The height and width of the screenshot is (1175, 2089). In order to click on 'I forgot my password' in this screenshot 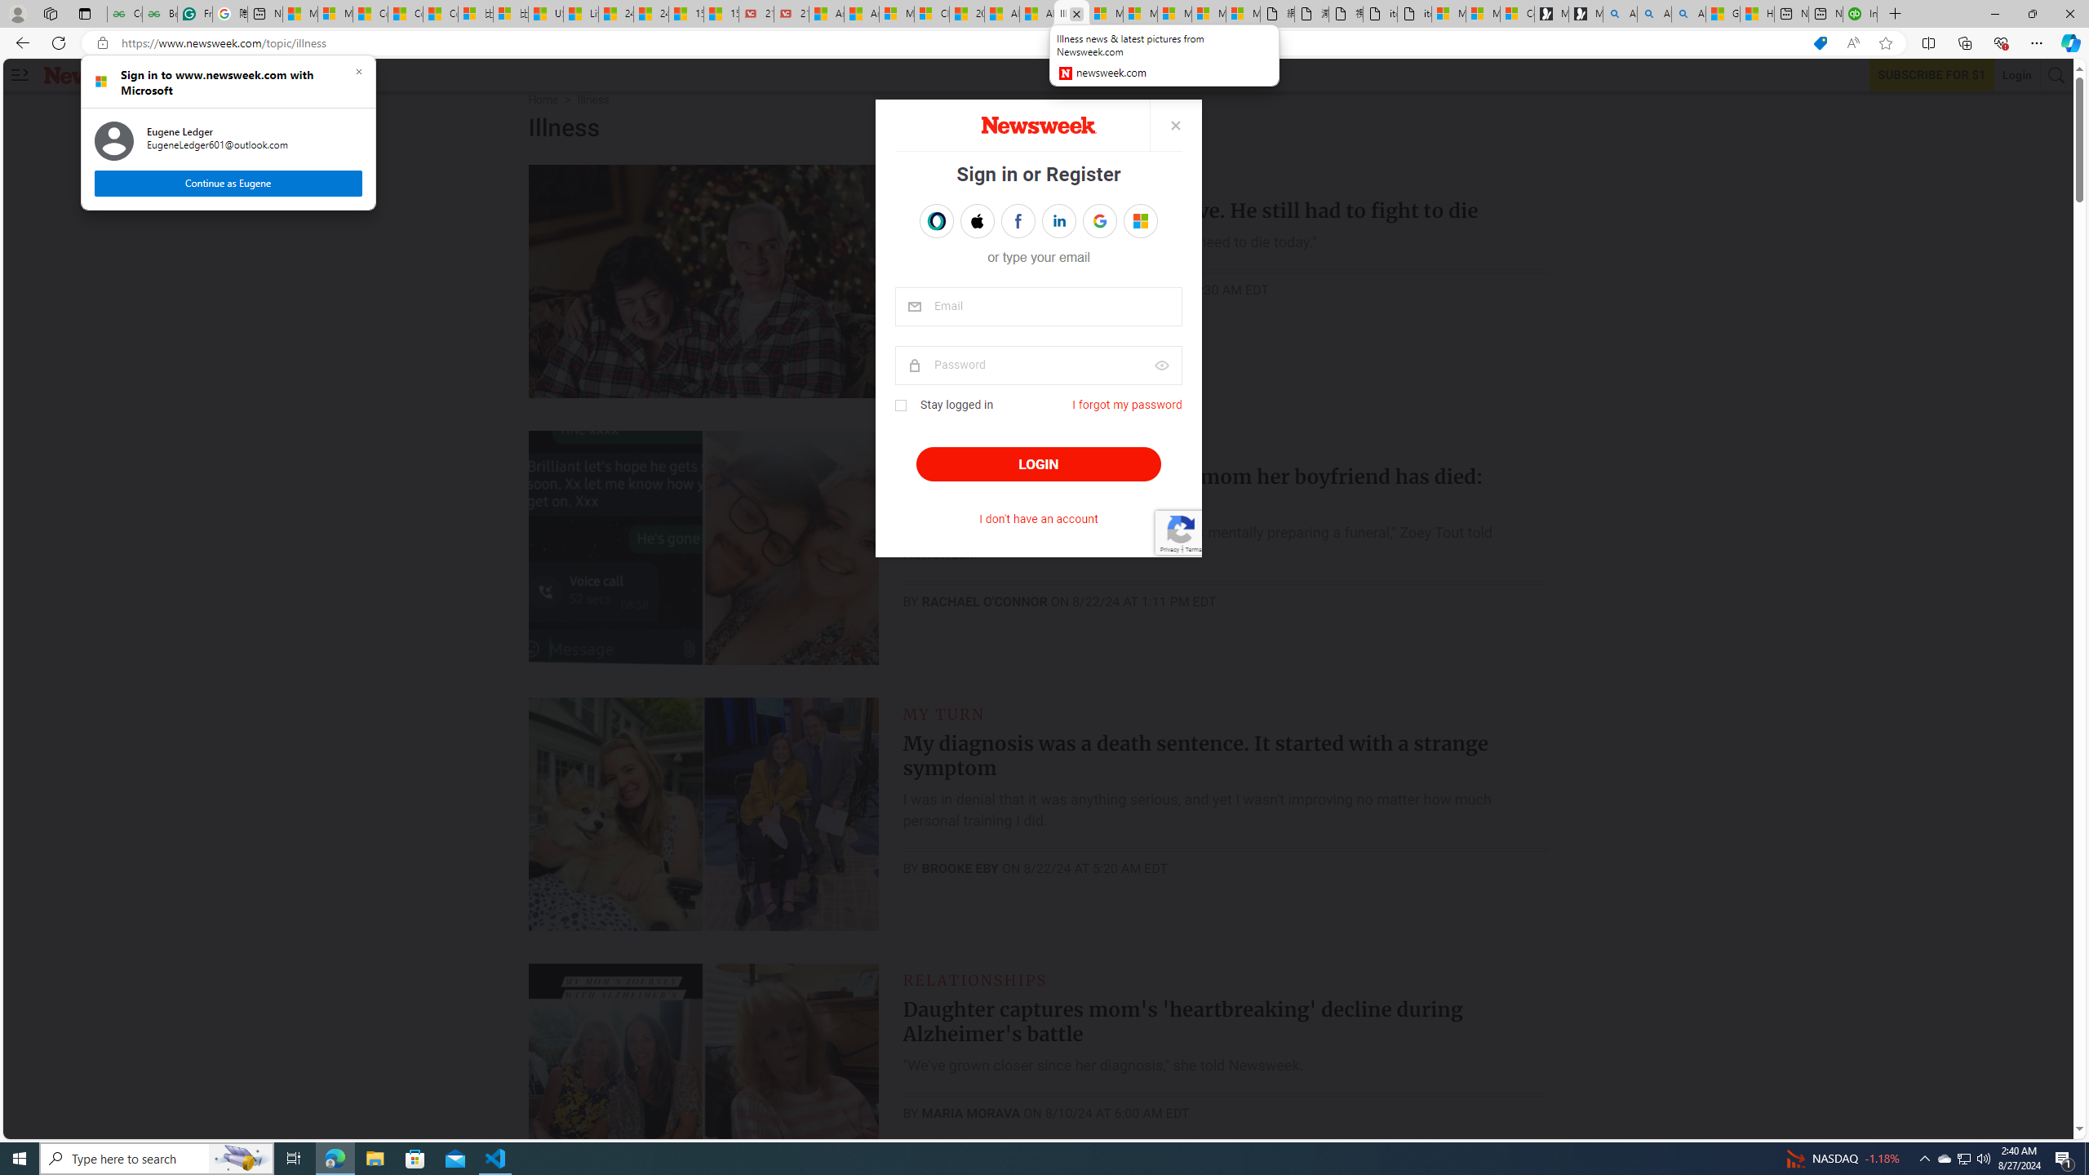, I will do `click(1127, 404)`.